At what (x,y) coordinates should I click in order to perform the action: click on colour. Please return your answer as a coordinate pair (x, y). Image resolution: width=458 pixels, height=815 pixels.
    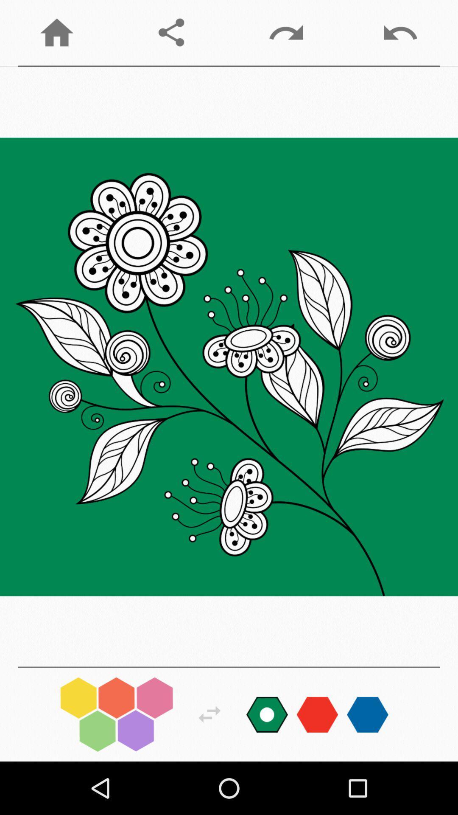
    Looking at the image, I should click on (266, 714).